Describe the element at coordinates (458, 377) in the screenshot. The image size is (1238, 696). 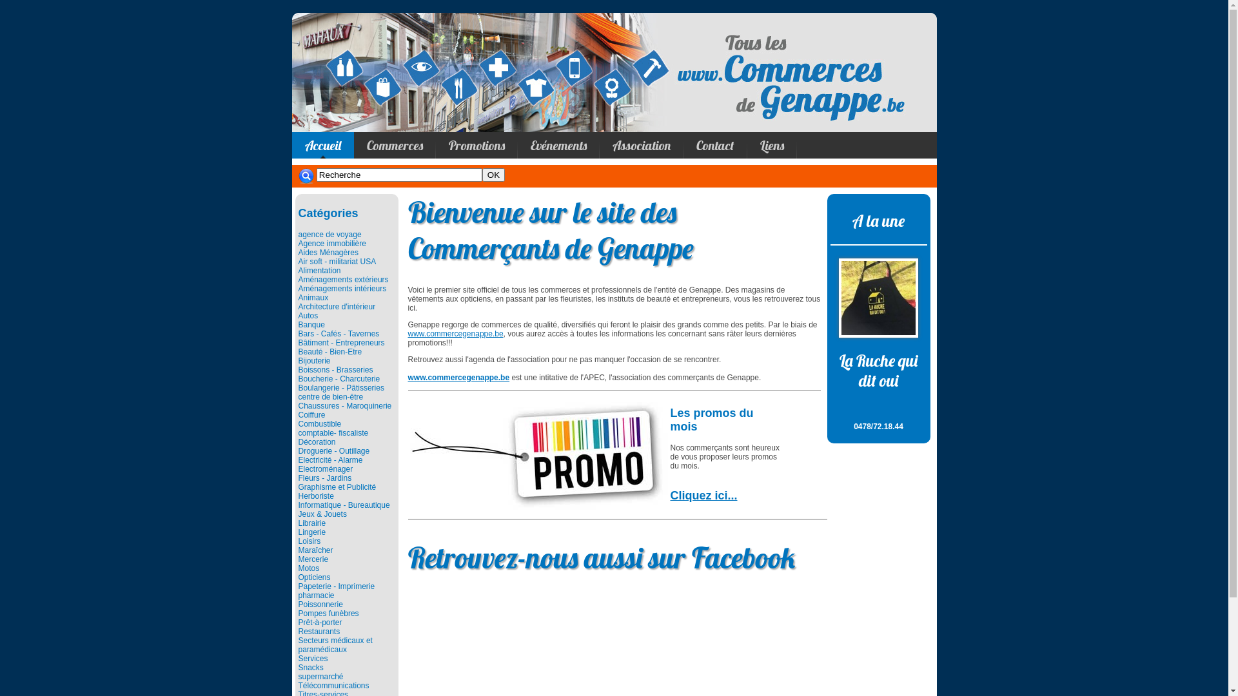
I see `'www.commercegenappe.be'` at that location.